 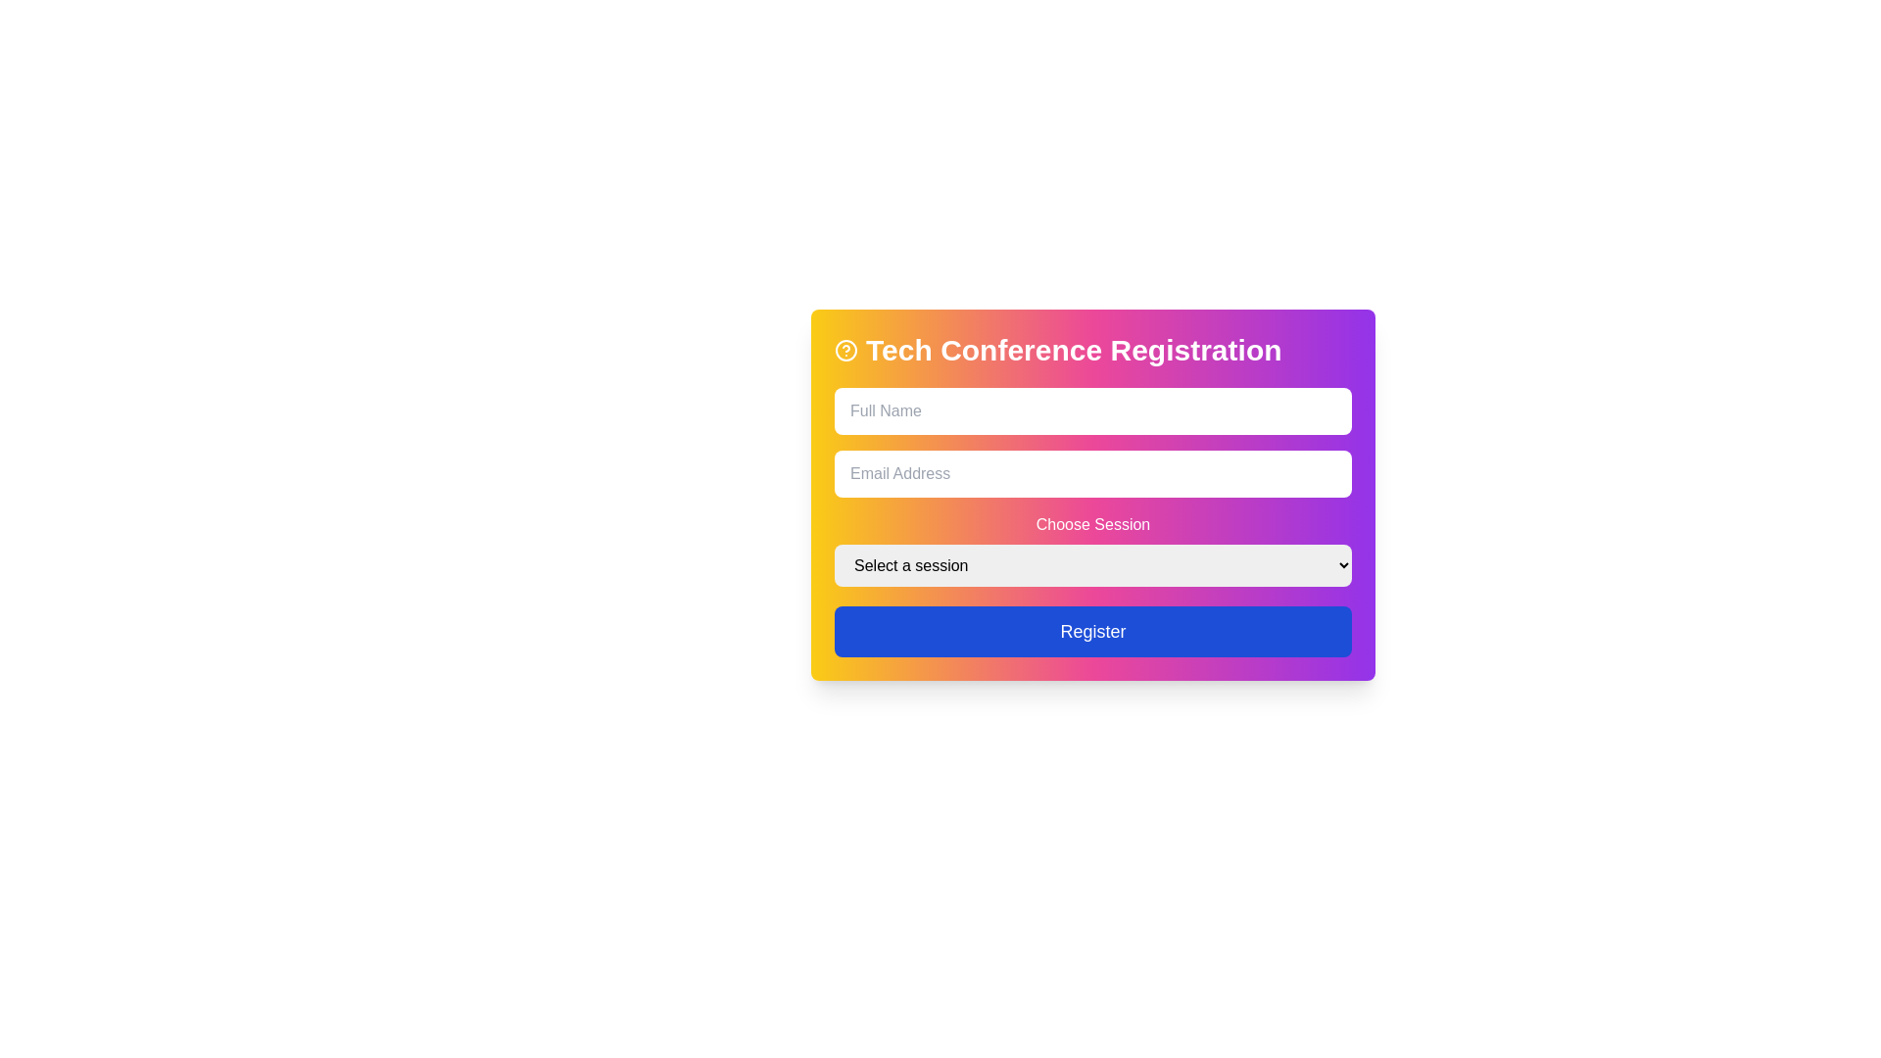 I want to click on the circle element within the SVG icon located to the left of the 'Tech Conference Registration' text near the top of the registration form, so click(x=846, y=350).